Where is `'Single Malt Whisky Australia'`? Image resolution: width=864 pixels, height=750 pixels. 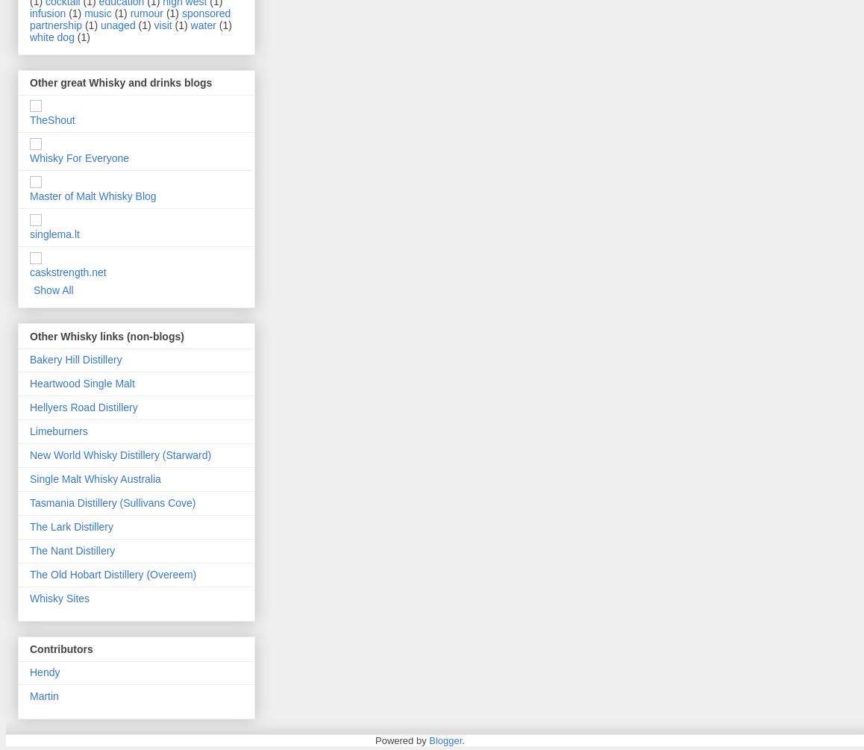
'Single Malt Whisky Australia' is located at coordinates (94, 477).